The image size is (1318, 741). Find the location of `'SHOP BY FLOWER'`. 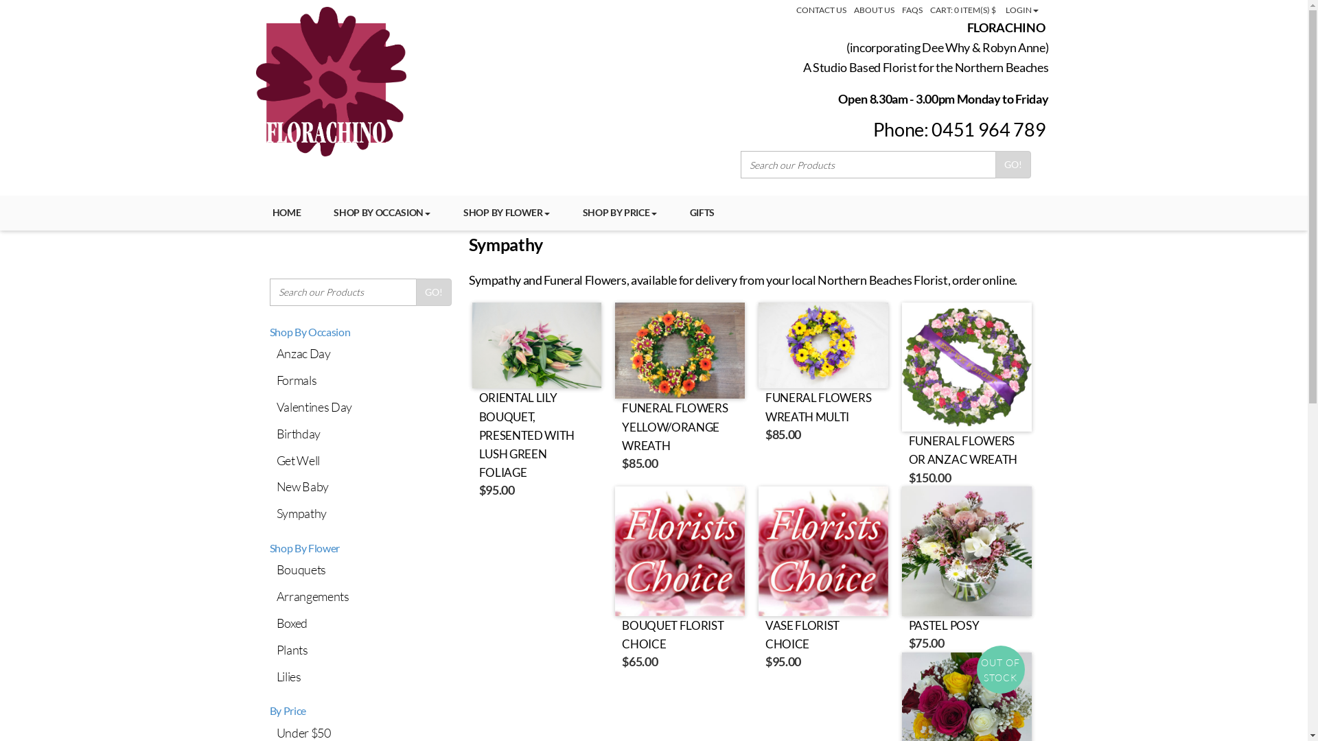

'SHOP BY FLOWER' is located at coordinates (506, 212).